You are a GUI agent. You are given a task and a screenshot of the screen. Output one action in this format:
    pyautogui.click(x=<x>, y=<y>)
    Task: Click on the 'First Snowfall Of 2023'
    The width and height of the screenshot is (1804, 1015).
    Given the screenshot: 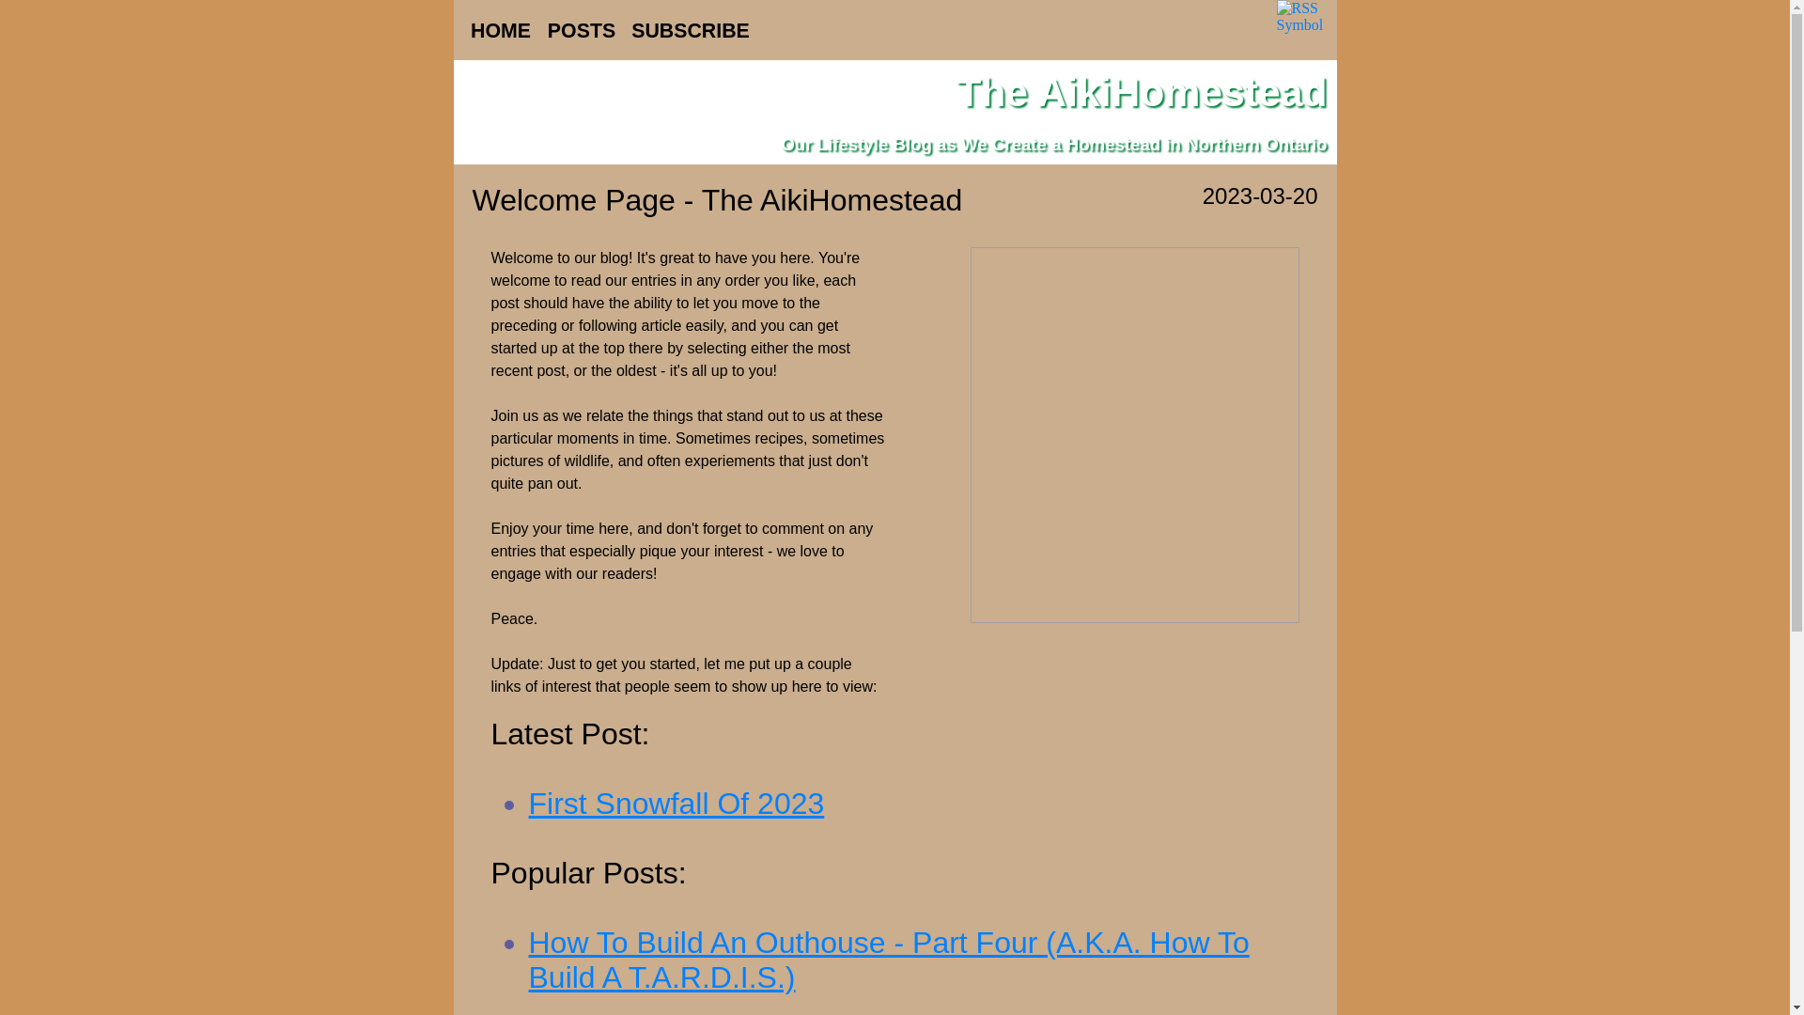 What is the action you would take?
    pyautogui.click(x=676, y=804)
    